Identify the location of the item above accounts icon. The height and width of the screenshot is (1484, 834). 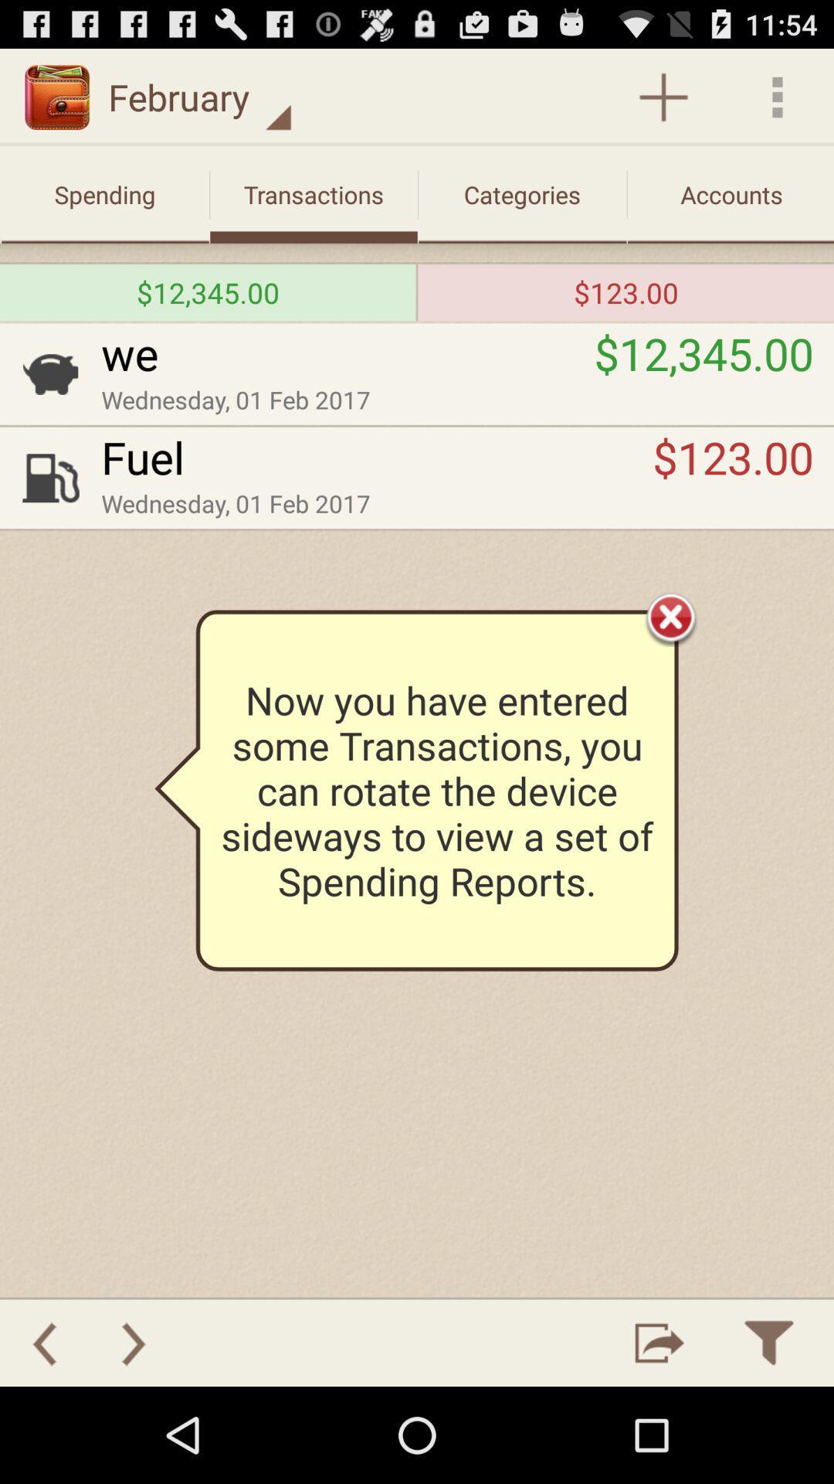
(777, 96).